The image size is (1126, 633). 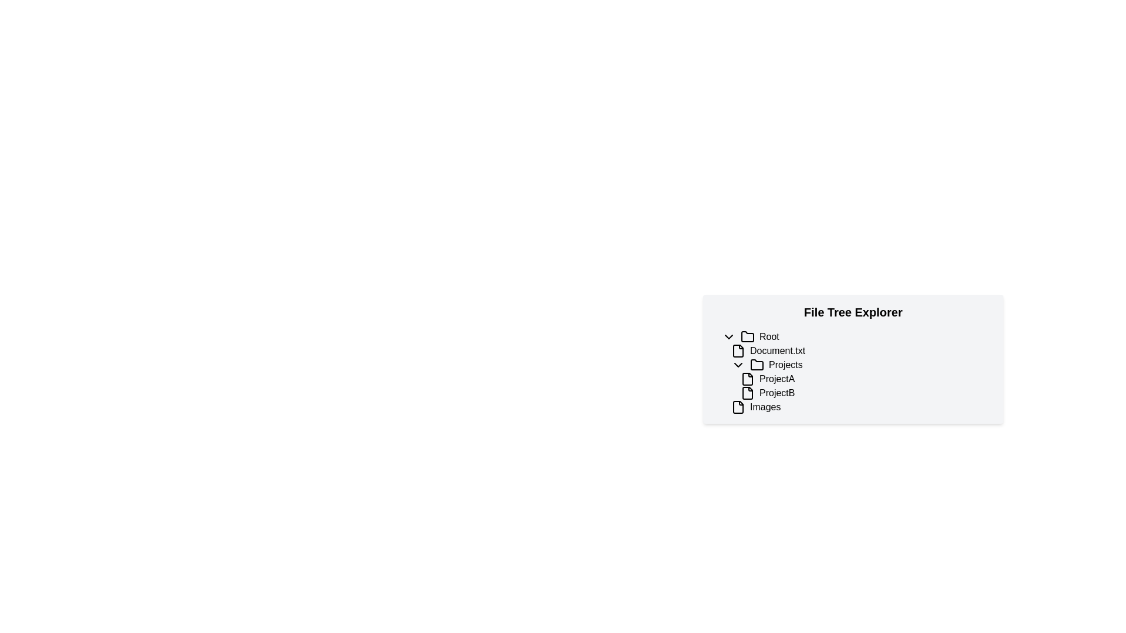 I want to click on the folder label indicating the name of the root directory, so click(x=769, y=336).